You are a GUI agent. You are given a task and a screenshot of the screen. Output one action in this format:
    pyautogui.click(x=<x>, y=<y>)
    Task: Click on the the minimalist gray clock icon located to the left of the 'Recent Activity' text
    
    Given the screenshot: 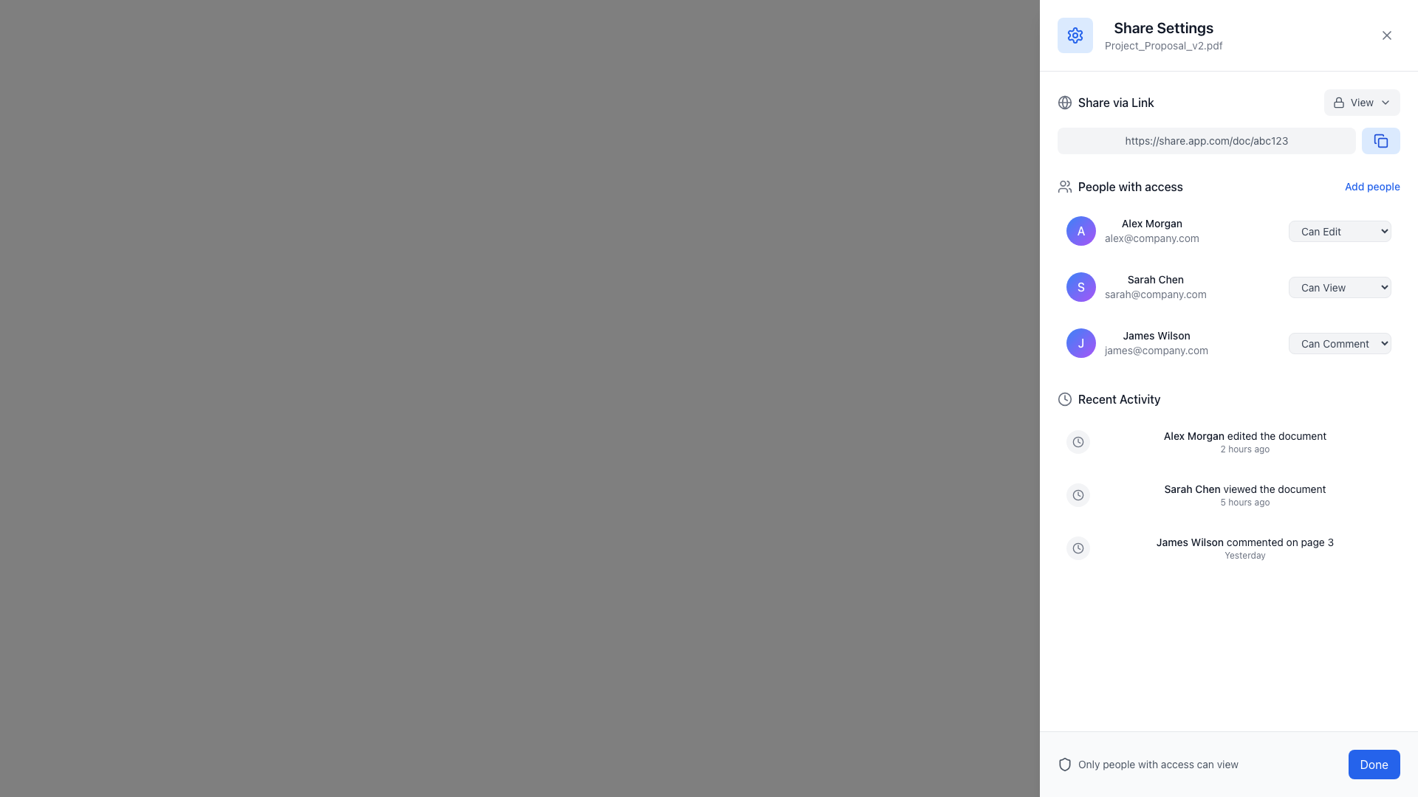 What is the action you would take?
    pyautogui.click(x=1064, y=398)
    